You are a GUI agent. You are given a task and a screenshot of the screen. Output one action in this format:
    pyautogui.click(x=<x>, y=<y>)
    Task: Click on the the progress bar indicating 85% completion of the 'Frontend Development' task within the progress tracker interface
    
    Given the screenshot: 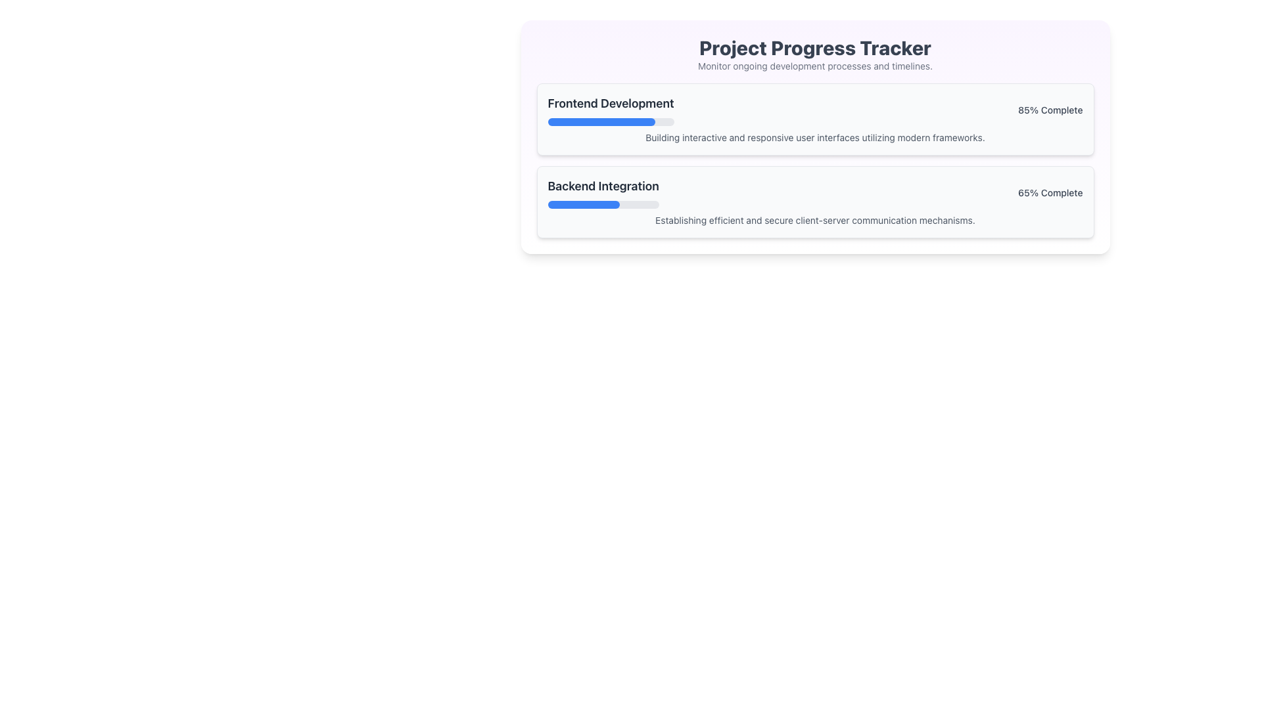 What is the action you would take?
    pyautogui.click(x=601, y=121)
    